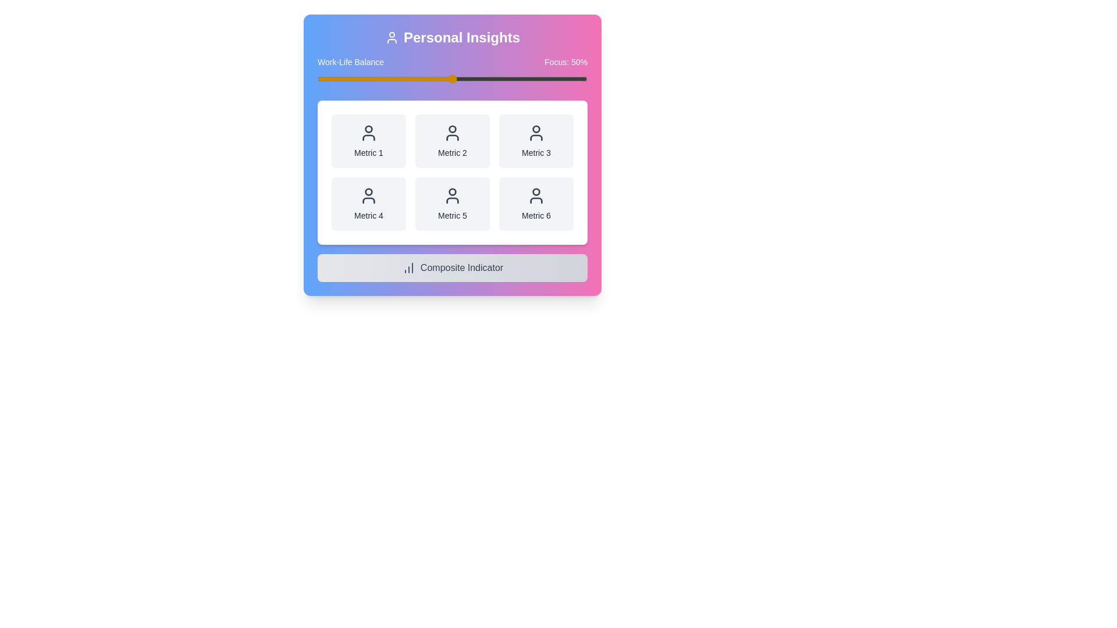 Image resolution: width=1117 pixels, height=628 pixels. Describe the element at coordinates (451, 204) in the screenshot. I see `the metric card labeled Metric 5` at that location.